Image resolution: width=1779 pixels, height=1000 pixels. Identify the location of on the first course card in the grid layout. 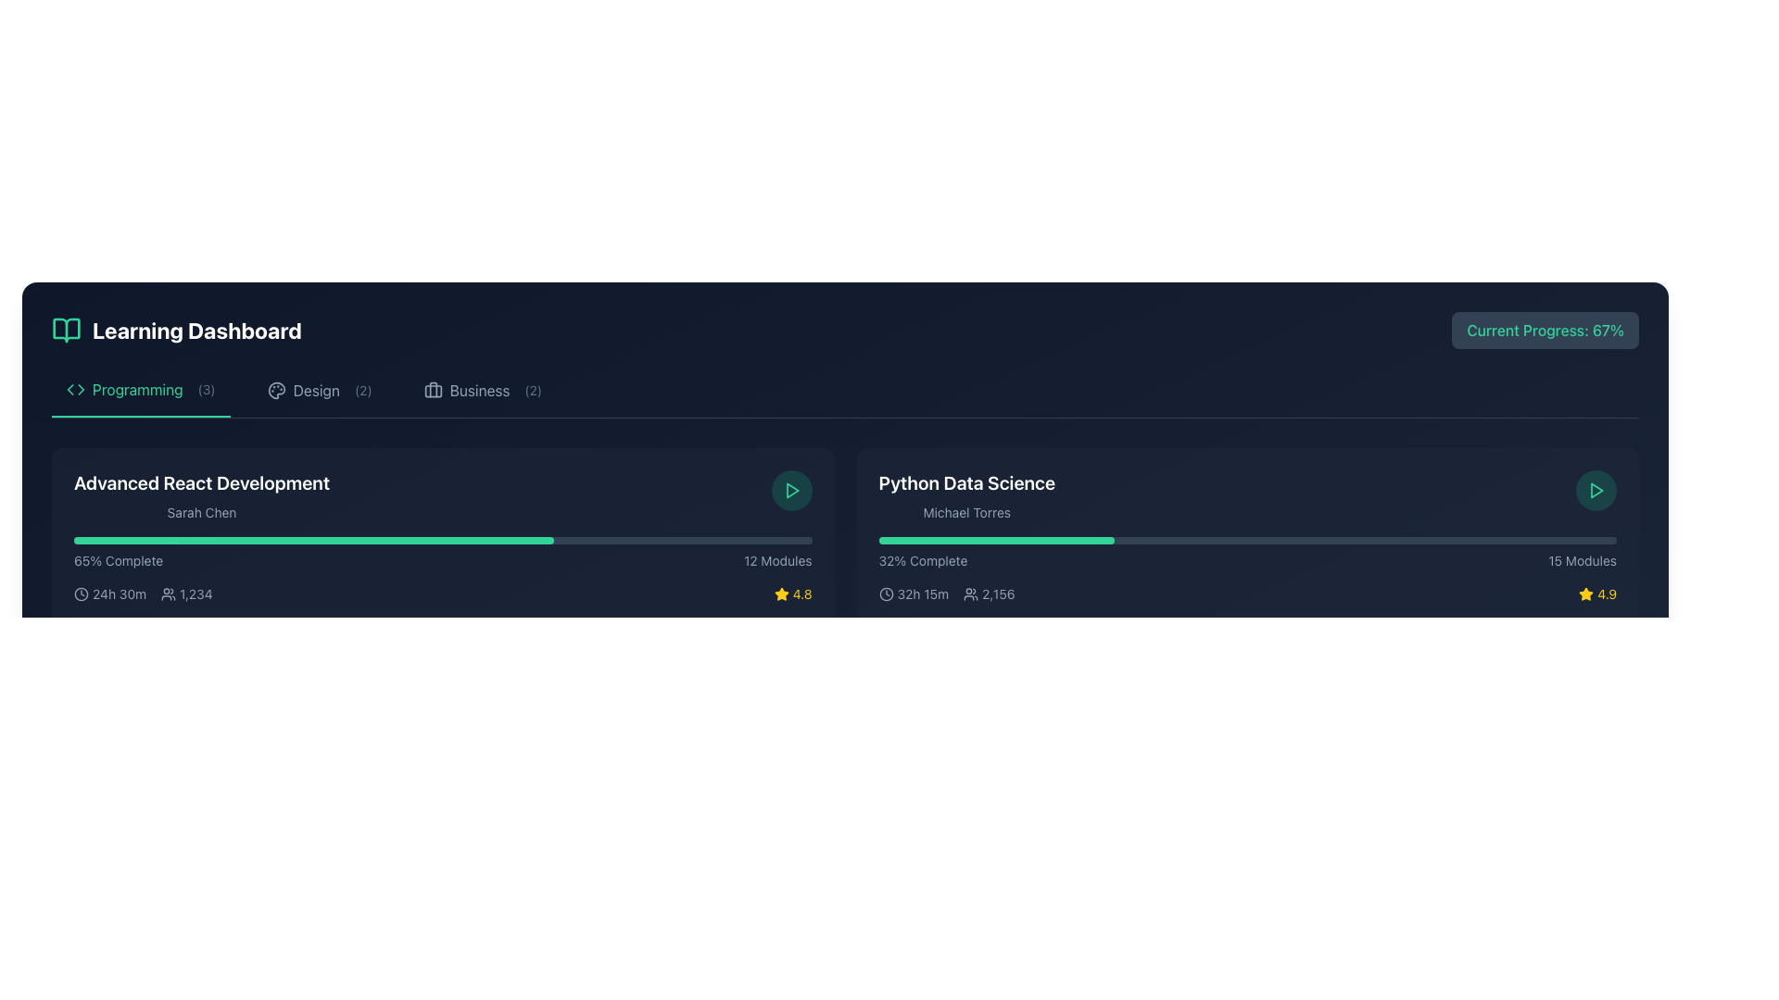
(442, 536).